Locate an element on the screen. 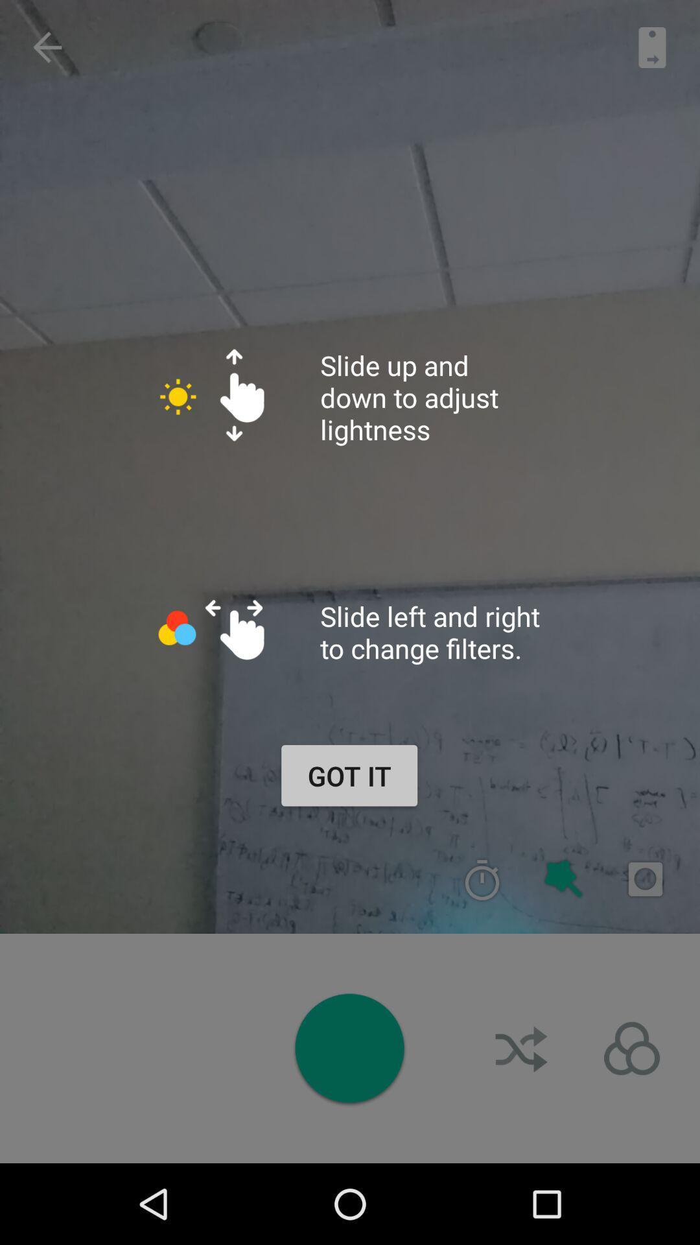 Image resolution: width=700 pixels, height=1245 pixels. the time icon is located at coordinates (482, 879).